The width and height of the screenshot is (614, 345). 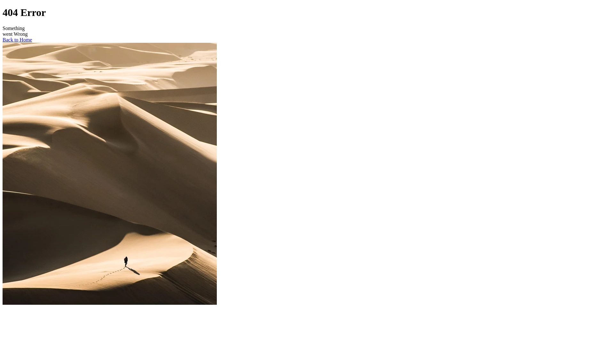 I want to click on 'Back to Home', so click(x=17, y=40).